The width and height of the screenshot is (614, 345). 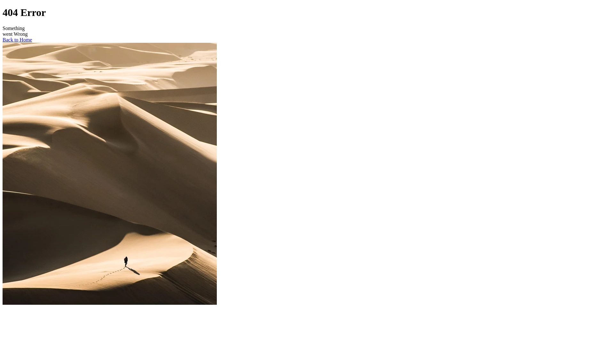 I want to click on 'Back to Home', so click(x=17, y=40).